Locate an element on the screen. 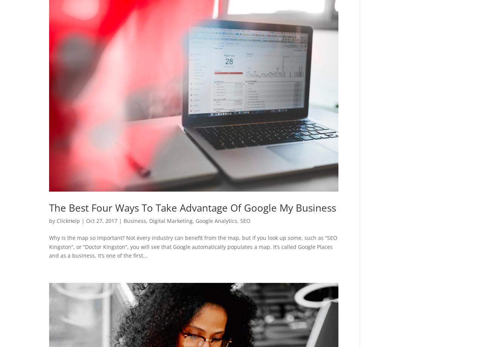 The width and height of the screenshot is (491, 347). 'Digital Marketing' is located at coordinates (170, 220).